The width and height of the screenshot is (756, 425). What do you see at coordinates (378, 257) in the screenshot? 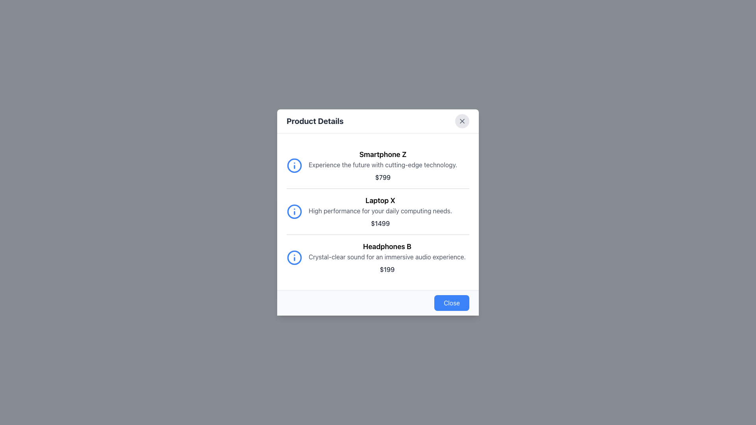
I see `the third product entry in the 'Product Details' modal window, which includes the product's name, description, and price information` at bounding box center [378, 257].